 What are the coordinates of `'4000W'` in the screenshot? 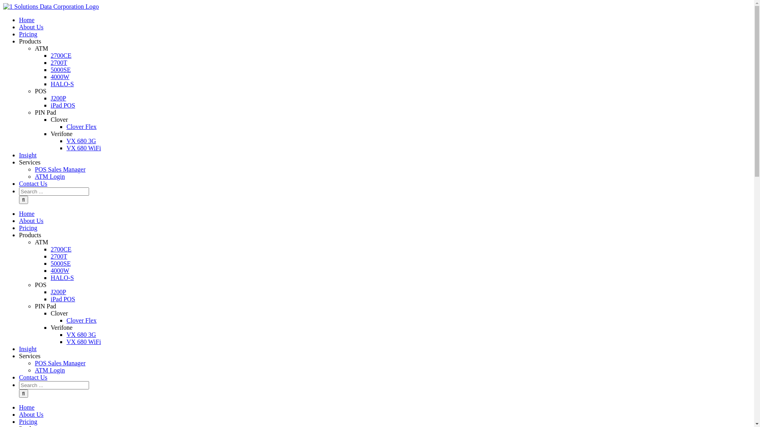 It's located at (59, 270).